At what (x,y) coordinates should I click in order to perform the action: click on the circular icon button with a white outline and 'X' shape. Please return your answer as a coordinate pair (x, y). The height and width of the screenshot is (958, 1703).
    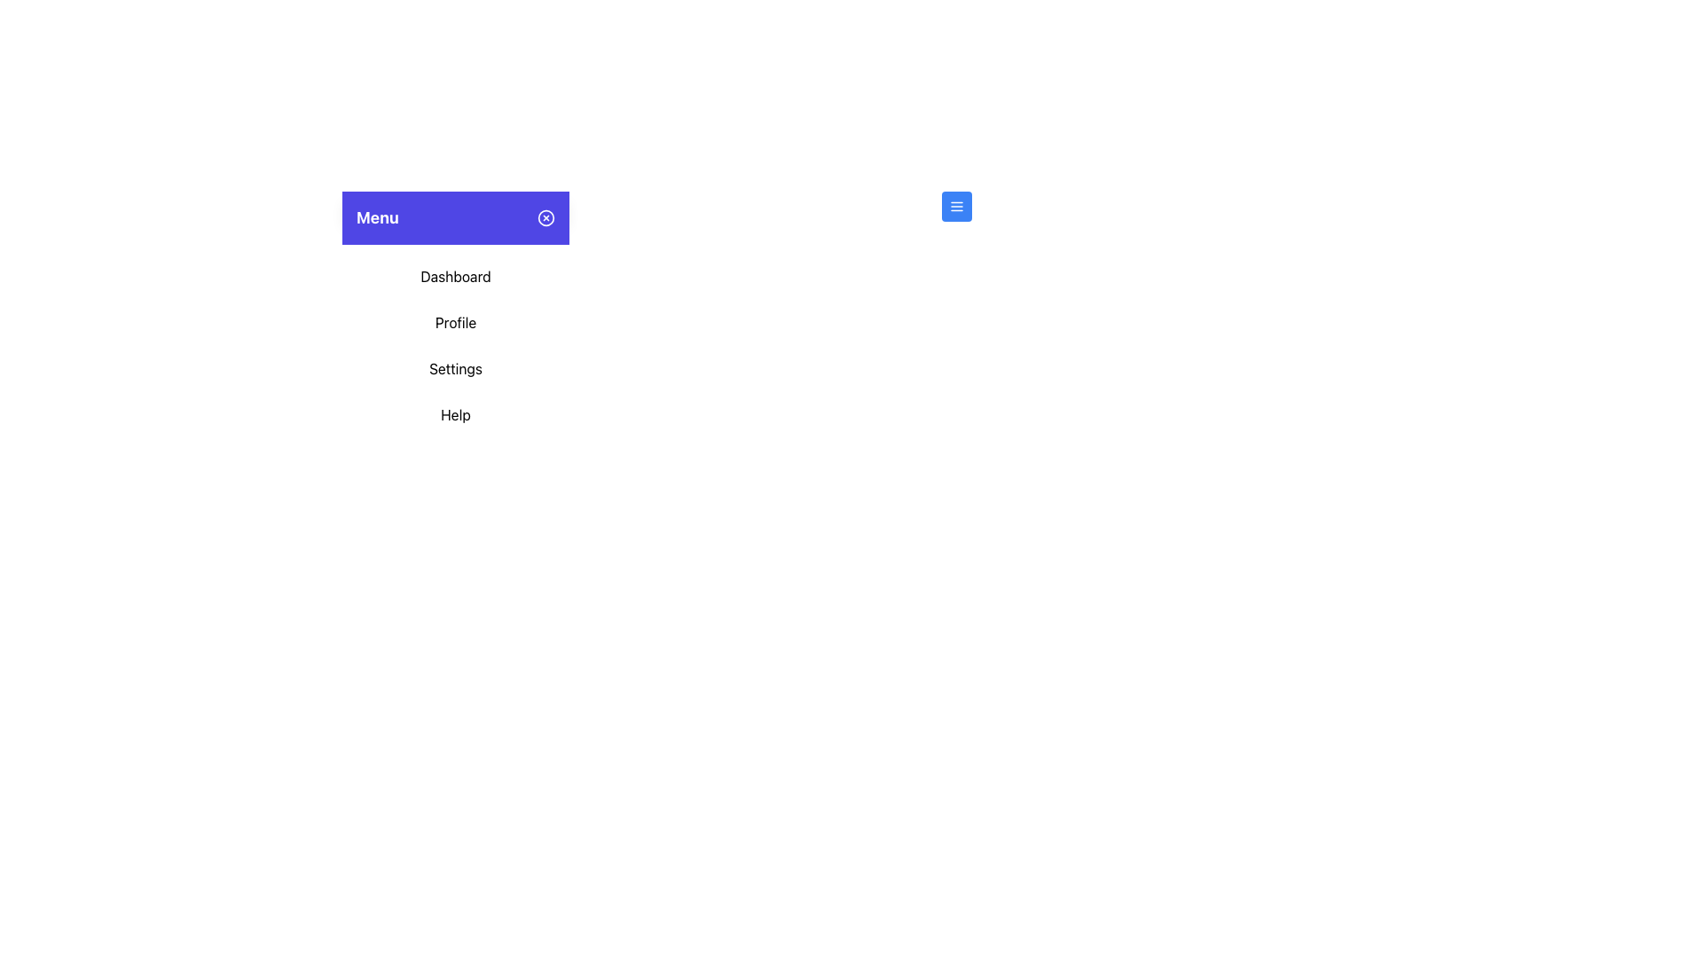
    Looking at the image, I should click on (545, 217).